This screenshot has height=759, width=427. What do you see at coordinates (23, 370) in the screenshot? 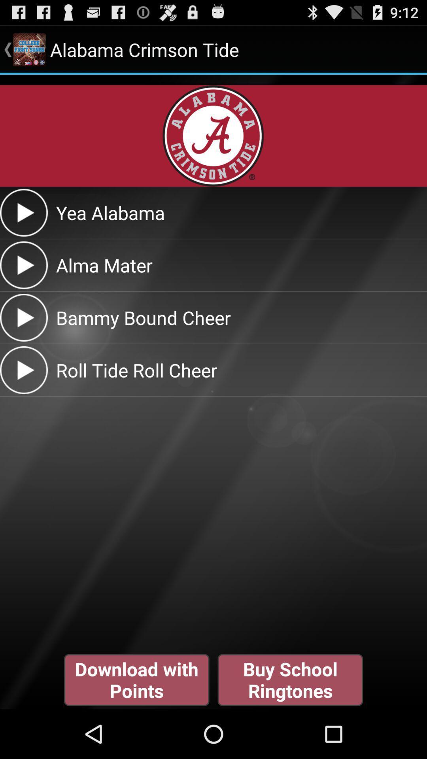
I see `click play button` at bounding box center [23, 370].